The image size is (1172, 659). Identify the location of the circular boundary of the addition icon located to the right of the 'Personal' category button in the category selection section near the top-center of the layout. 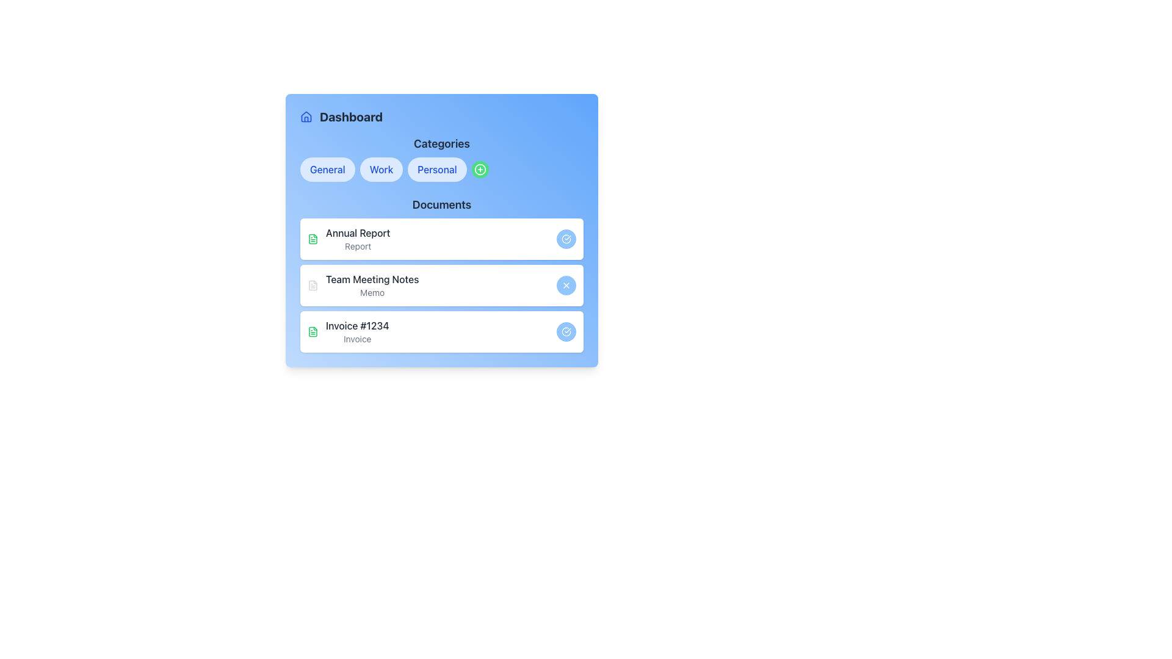
(479, 169).